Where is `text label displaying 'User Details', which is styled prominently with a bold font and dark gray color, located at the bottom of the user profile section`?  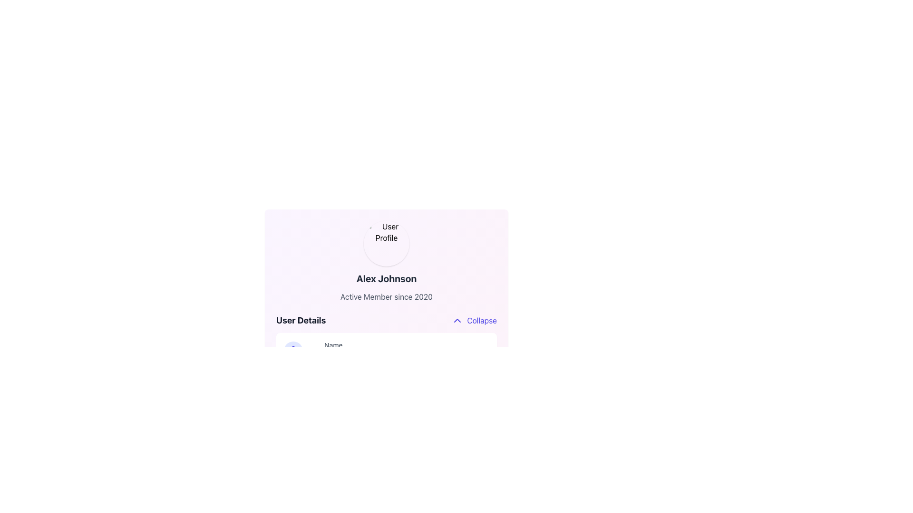 text label displaying 'User Details', which is styled prominently with a bold font and dark gray color, located at the bottom of the user profile section is located at coordinates (301, 321).